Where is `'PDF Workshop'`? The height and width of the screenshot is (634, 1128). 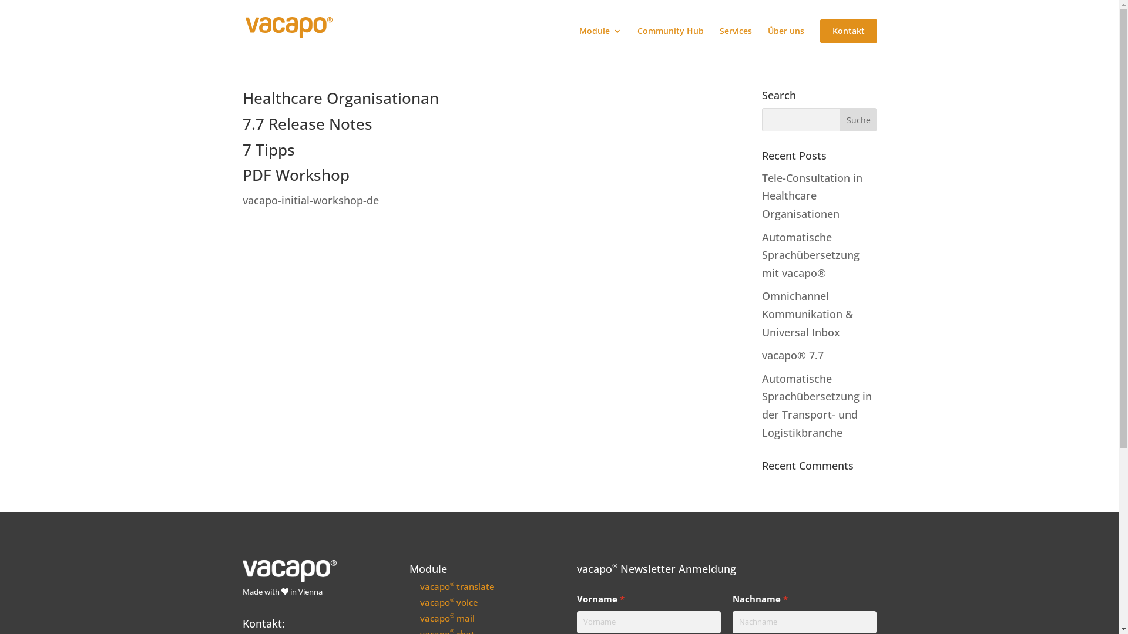
'PDF Workshop' is located at coordinates (296, 174).